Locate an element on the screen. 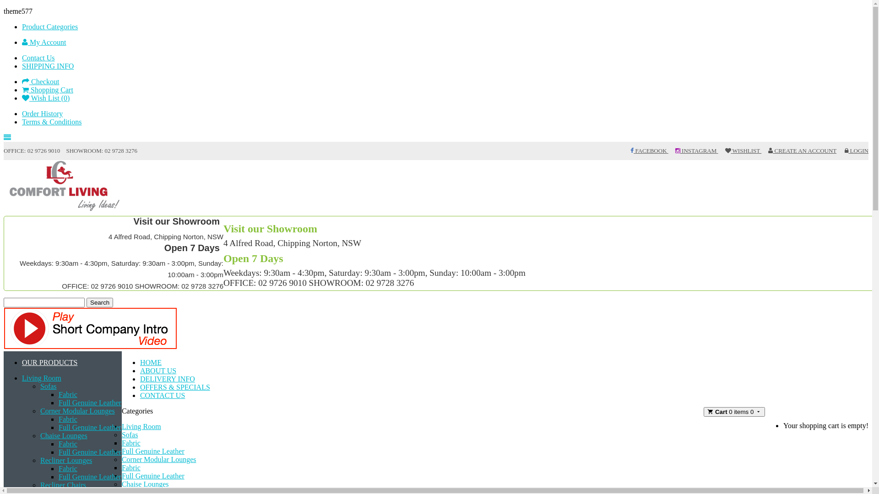 Image resolution: width=879 pixels, height=494 pixels. 'Fabric' is located at coordinates (67, 394).